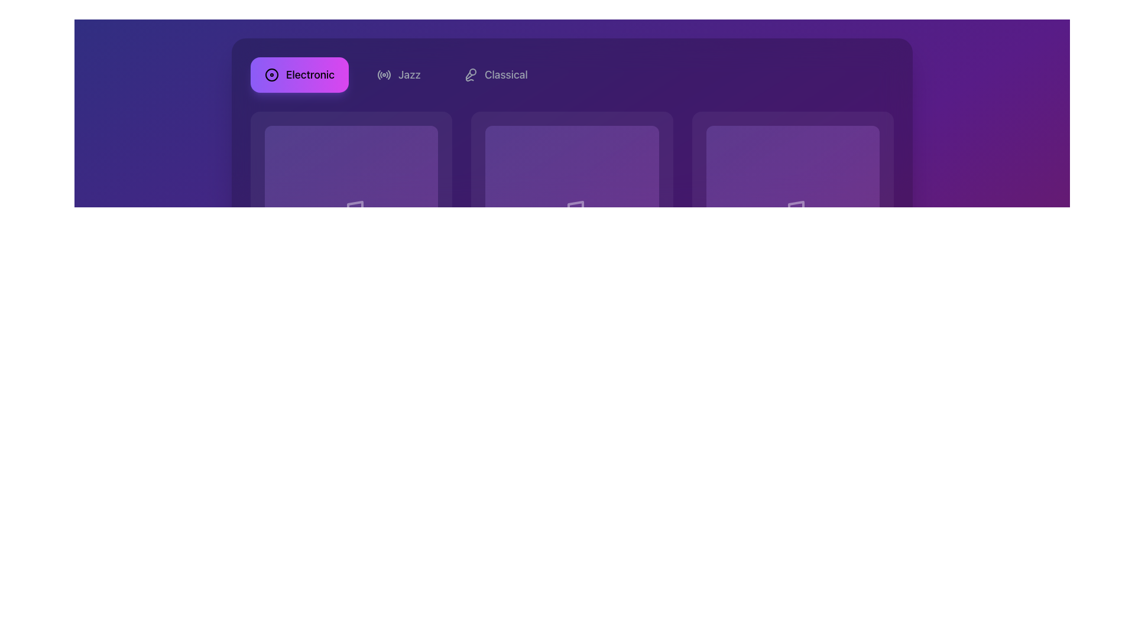  I want to click on the 'Electronic' category button, which is the leftmost button in a horizontal group of three, so click(300, 75).